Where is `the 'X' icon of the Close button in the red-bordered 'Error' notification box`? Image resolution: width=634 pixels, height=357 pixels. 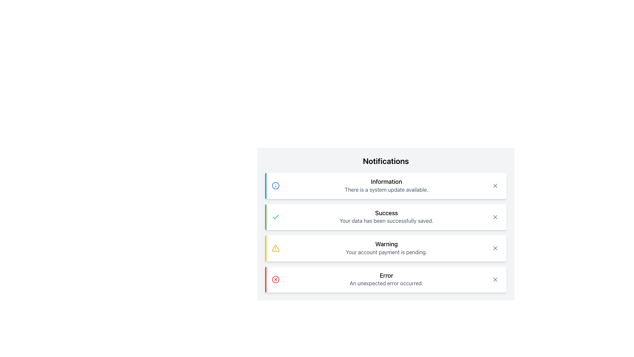
the 'X' icon of the Close button in the red-bordered 'Error' notification box is located at coordinates (495, 279).